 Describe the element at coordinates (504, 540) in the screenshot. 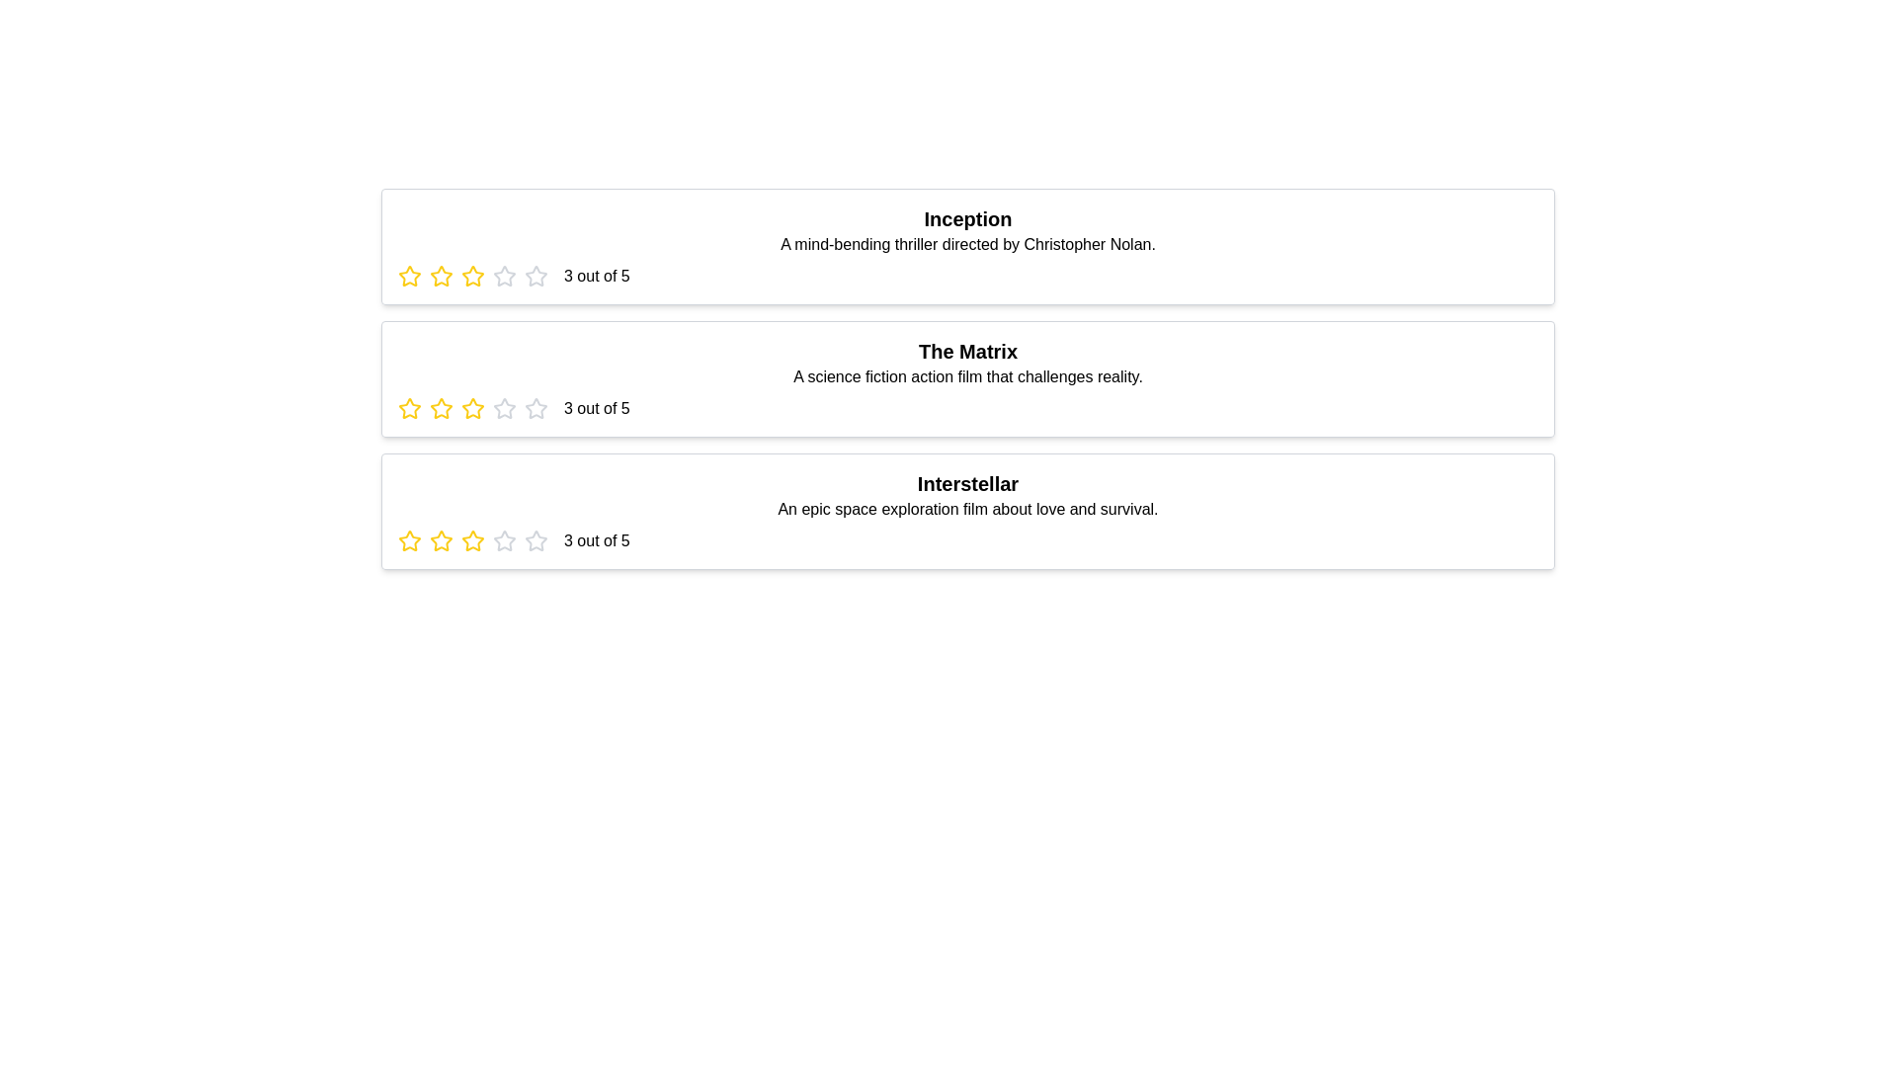

I see `the star corresponding to 4 stars for the movie titled Interstellar` at that location.